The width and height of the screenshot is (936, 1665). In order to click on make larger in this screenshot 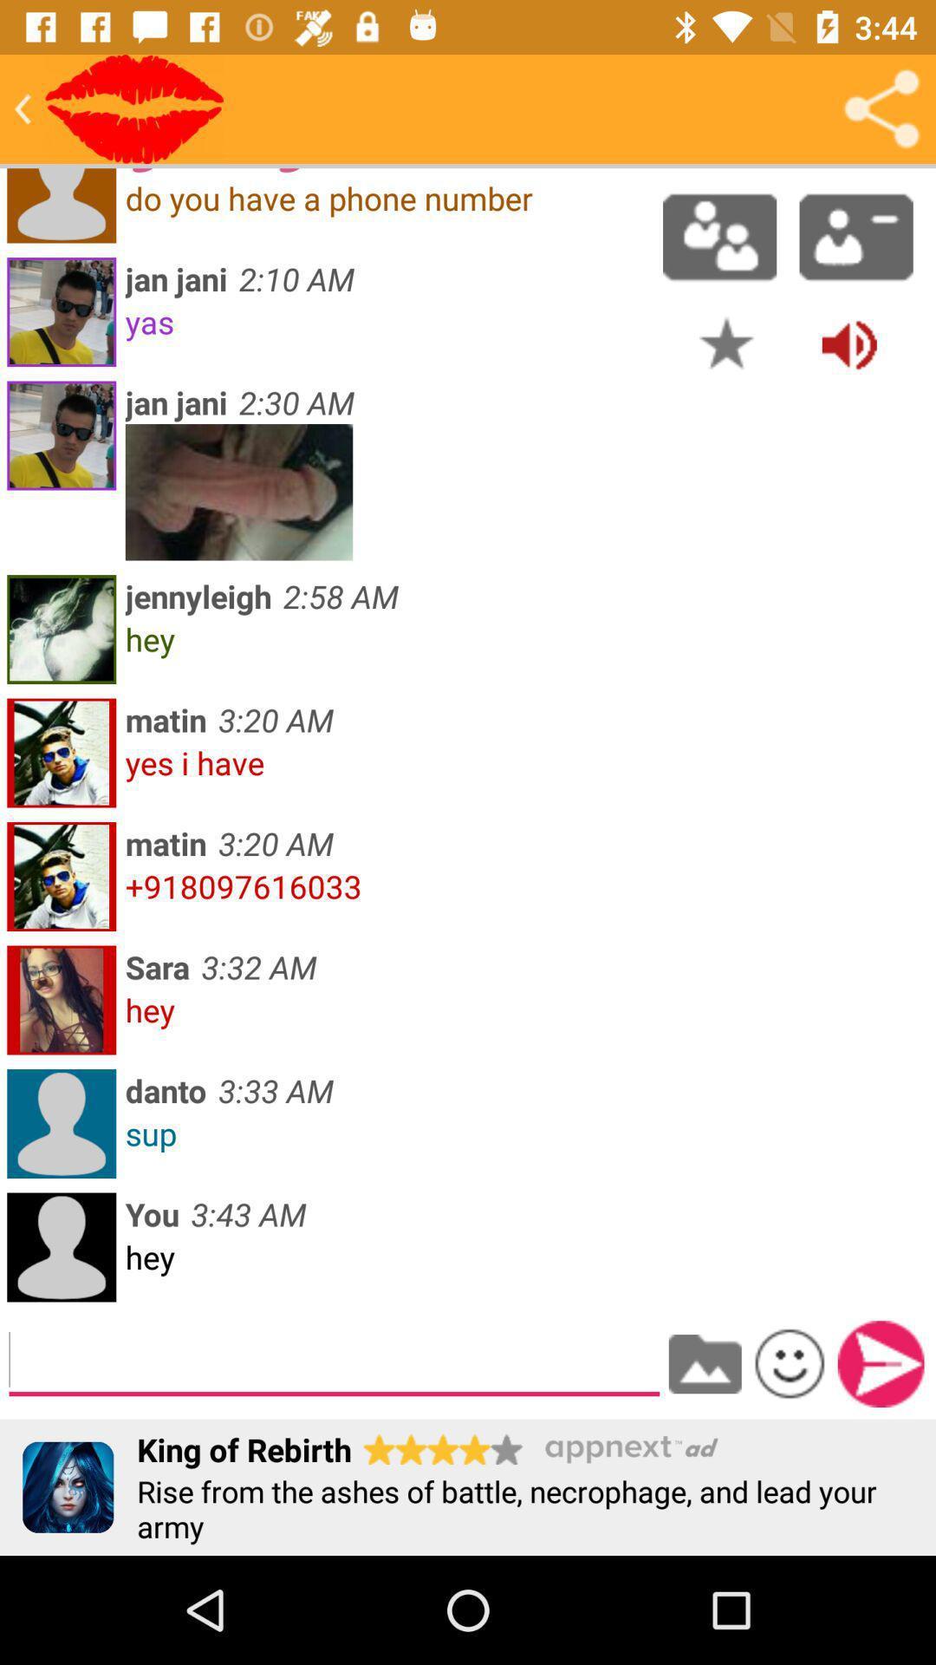, I will do `click(239, 491)`.